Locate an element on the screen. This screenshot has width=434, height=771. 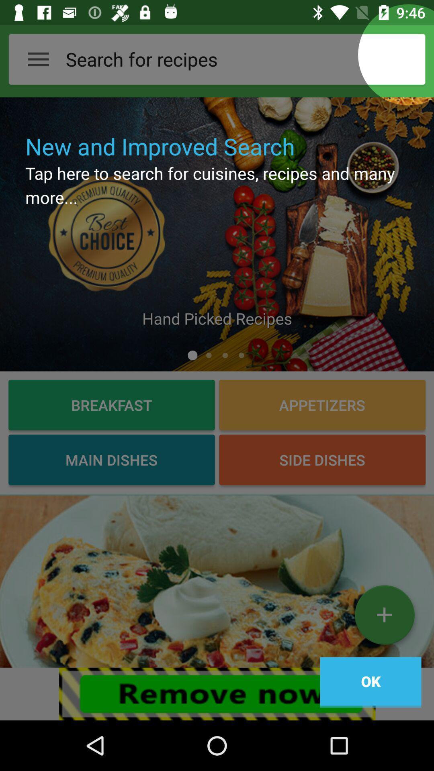
the add icon is located at coordinates (384, 618).